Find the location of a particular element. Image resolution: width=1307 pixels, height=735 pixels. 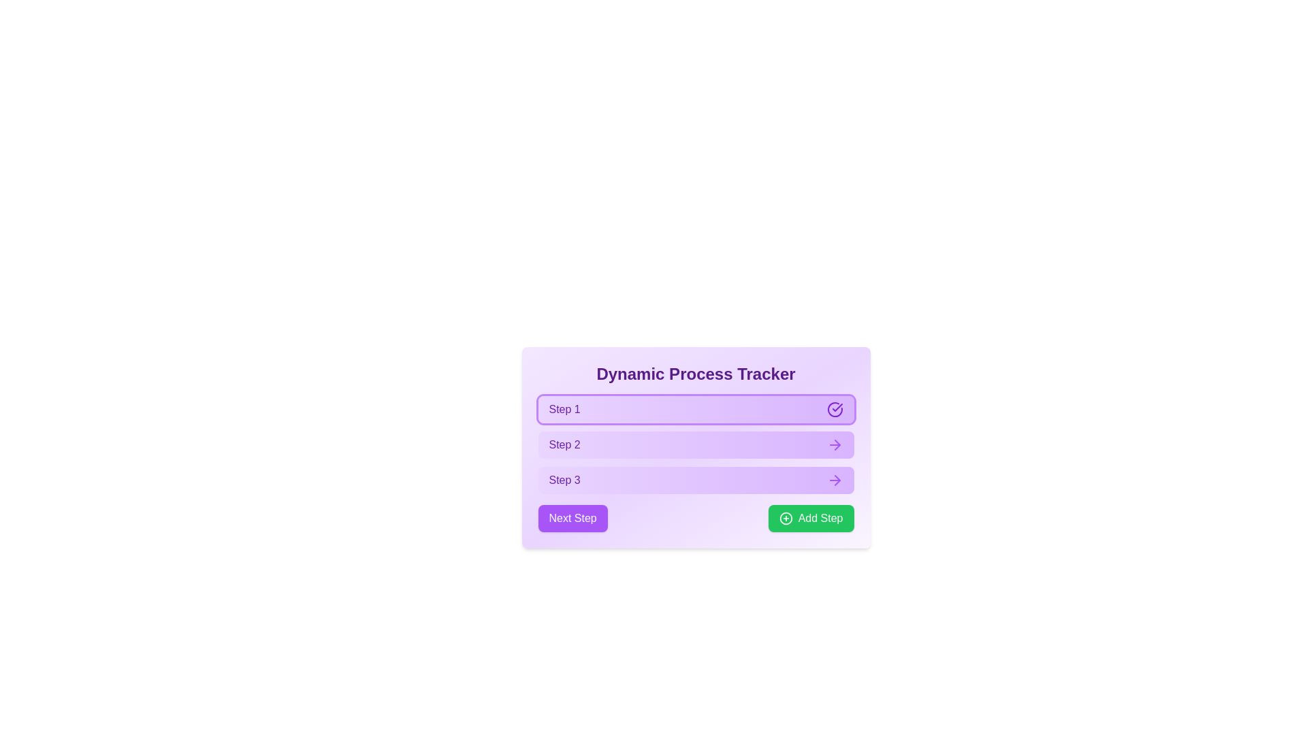

the purple checkmark icon located in the top-right corner of the 'Step 1' field within the Dynamic Process Tracker interface to confirm or mark something is located at coordinates (836, 406).